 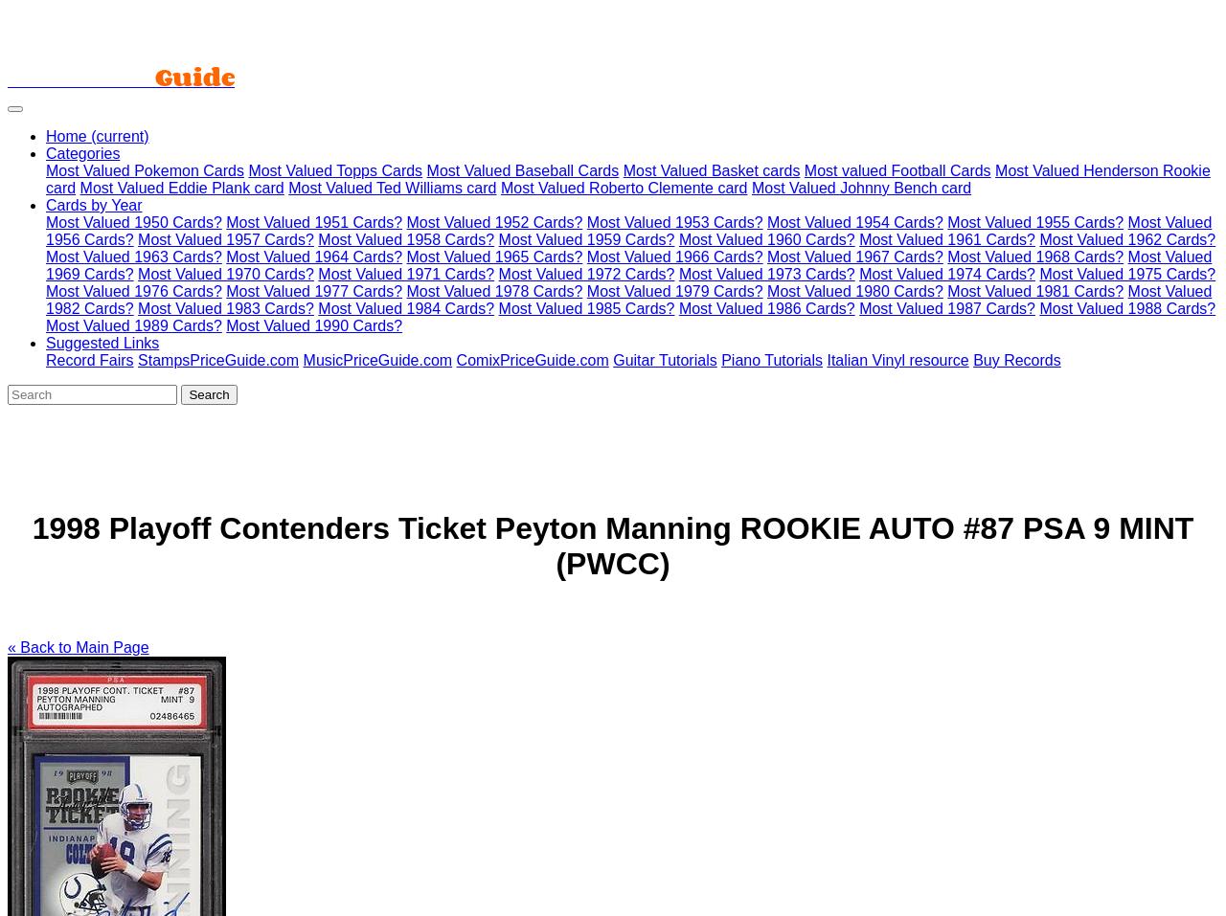 What do you see at coordinates (77, 646) in the screenshot?
I see `'« Back to Main Page'` at bounding box center [77, 646].